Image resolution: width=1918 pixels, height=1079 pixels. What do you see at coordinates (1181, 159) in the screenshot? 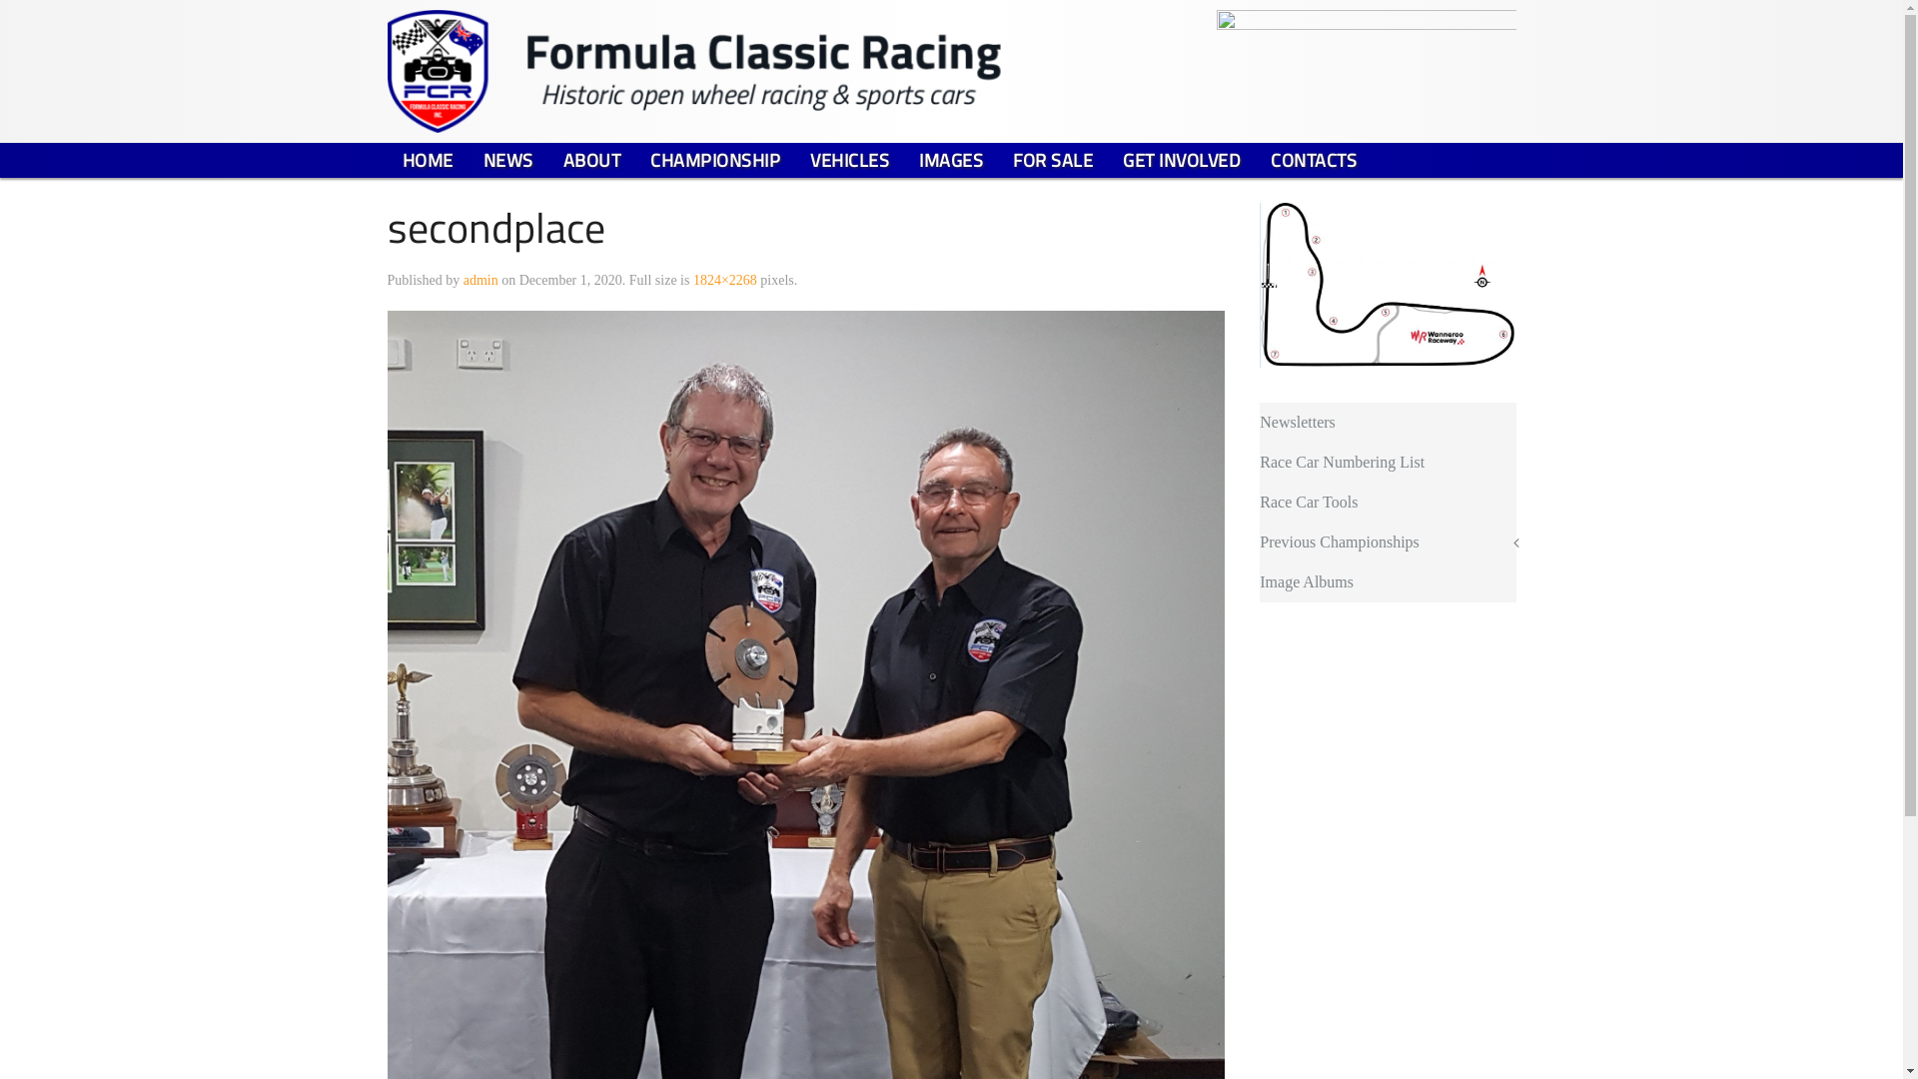
I see `'GET INVOLVED'` at bounding box center [1181, 159].